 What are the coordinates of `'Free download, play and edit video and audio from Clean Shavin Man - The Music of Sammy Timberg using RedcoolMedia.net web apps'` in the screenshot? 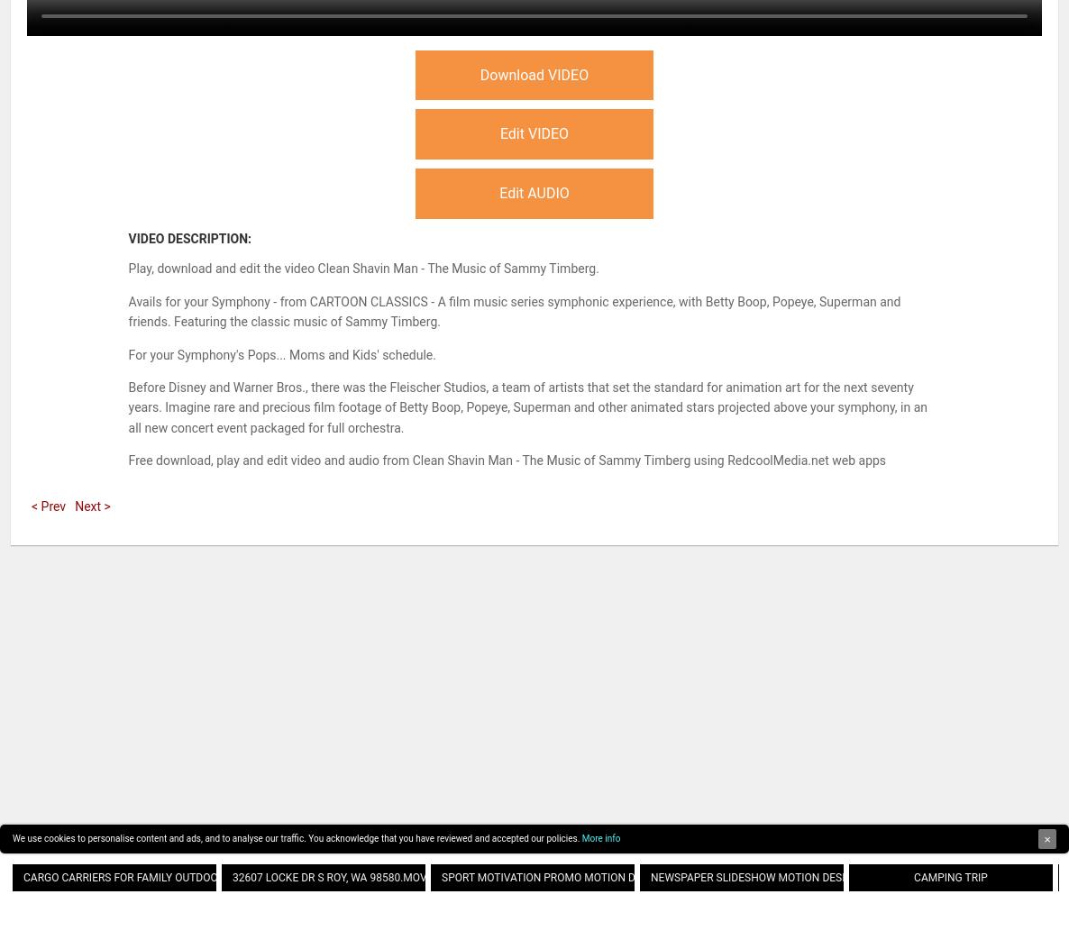 It's located at (507, 461).